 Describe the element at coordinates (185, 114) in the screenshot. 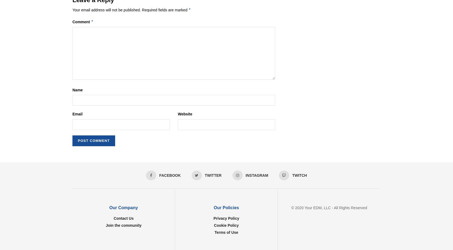

I see `'Website'` at that location.